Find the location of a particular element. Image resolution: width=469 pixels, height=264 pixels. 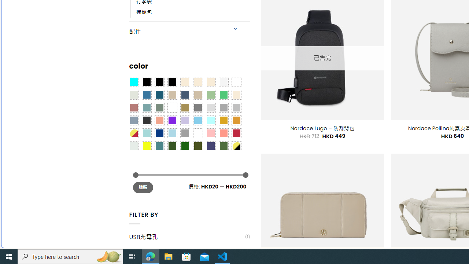

'Dull Nickle' is located at coordinates (133, 146).